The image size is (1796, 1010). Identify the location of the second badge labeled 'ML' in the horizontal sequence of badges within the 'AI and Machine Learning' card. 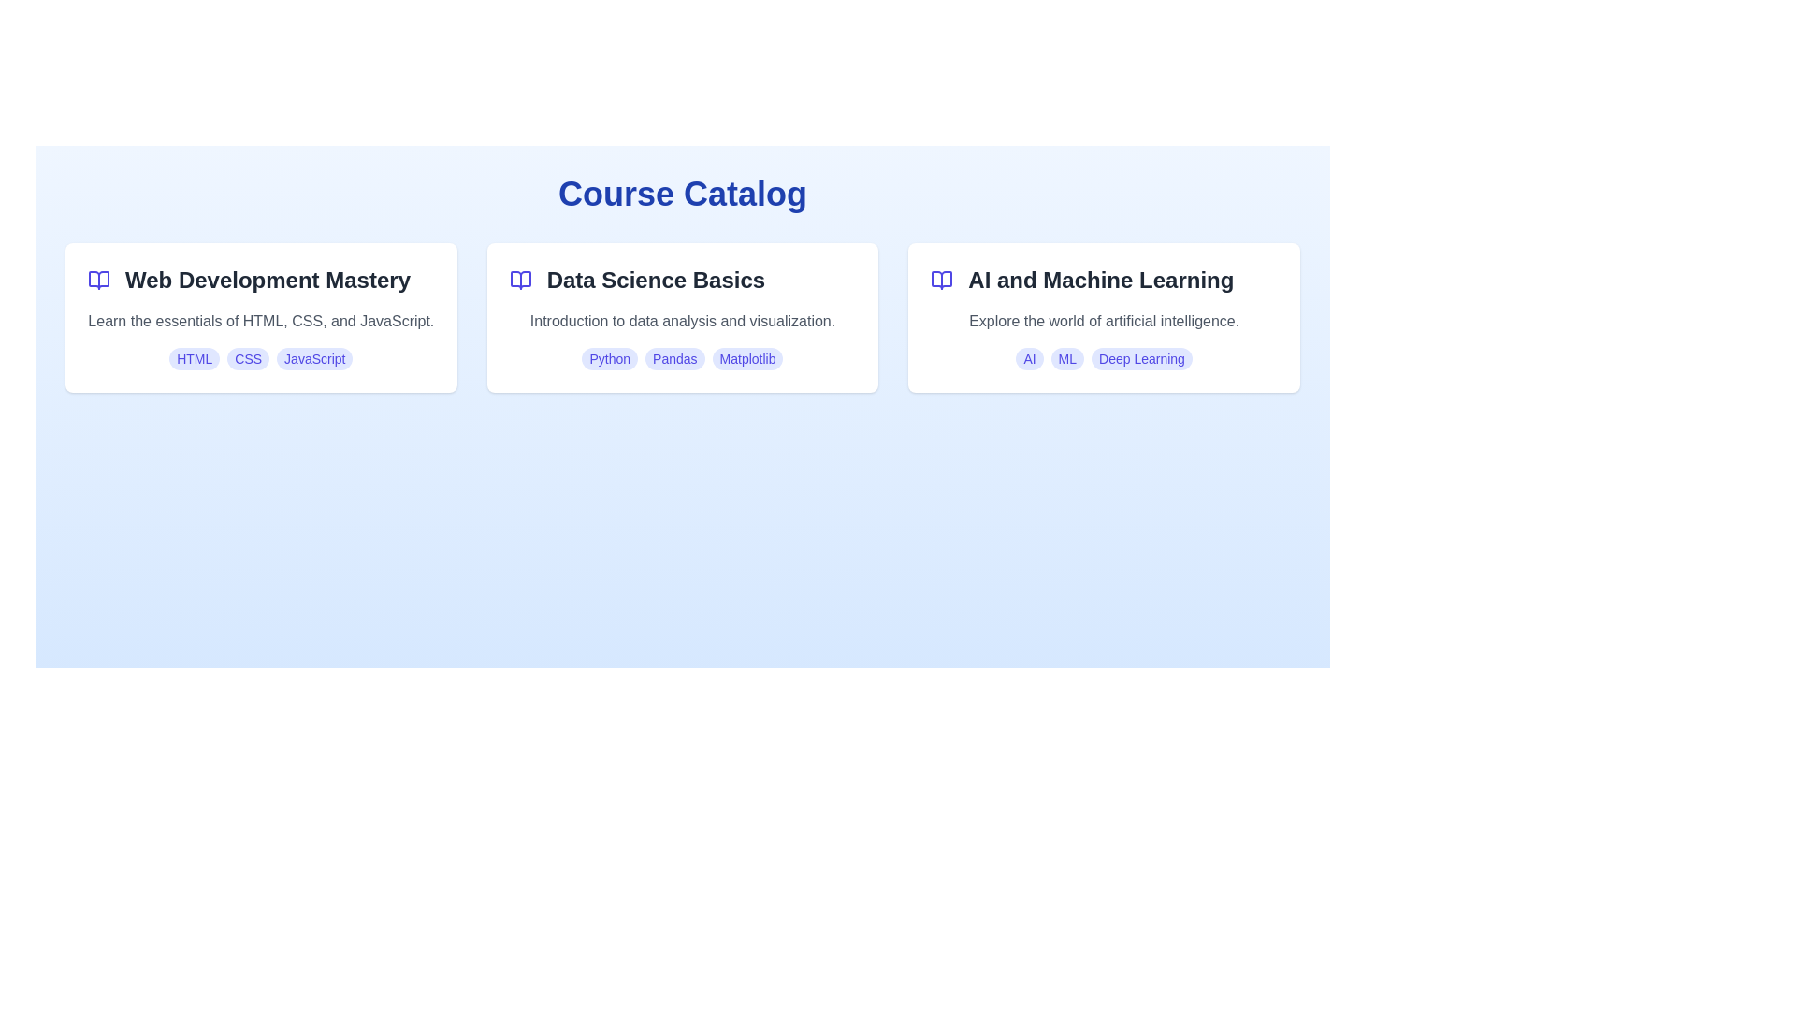
(1067, 359).